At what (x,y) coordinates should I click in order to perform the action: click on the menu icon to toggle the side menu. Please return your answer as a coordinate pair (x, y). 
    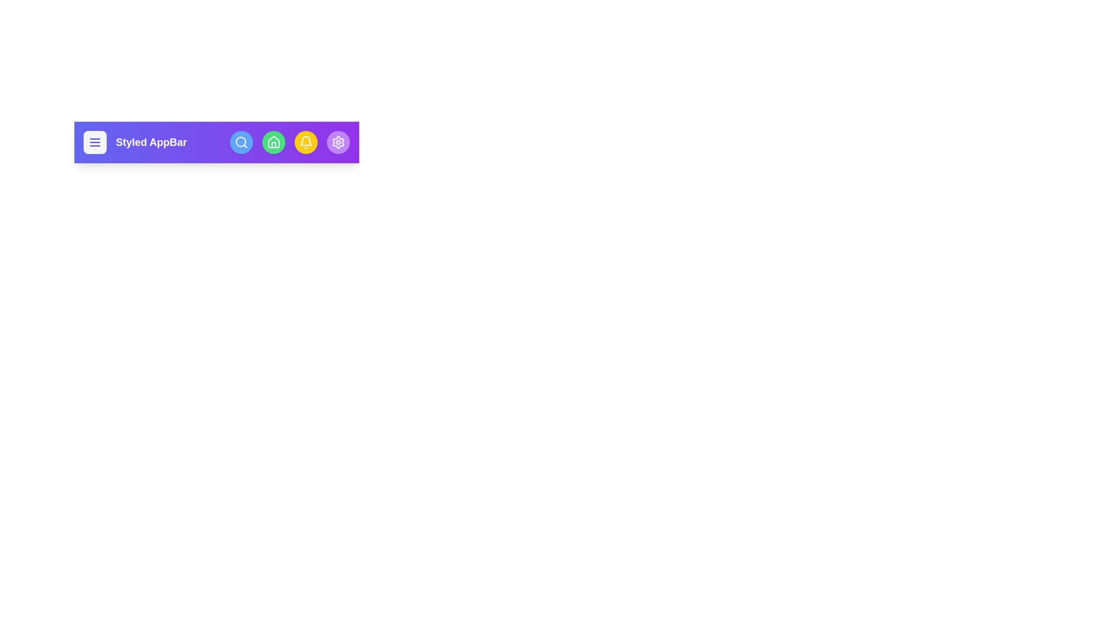
    Looking at the image, I should click on (95, 141).